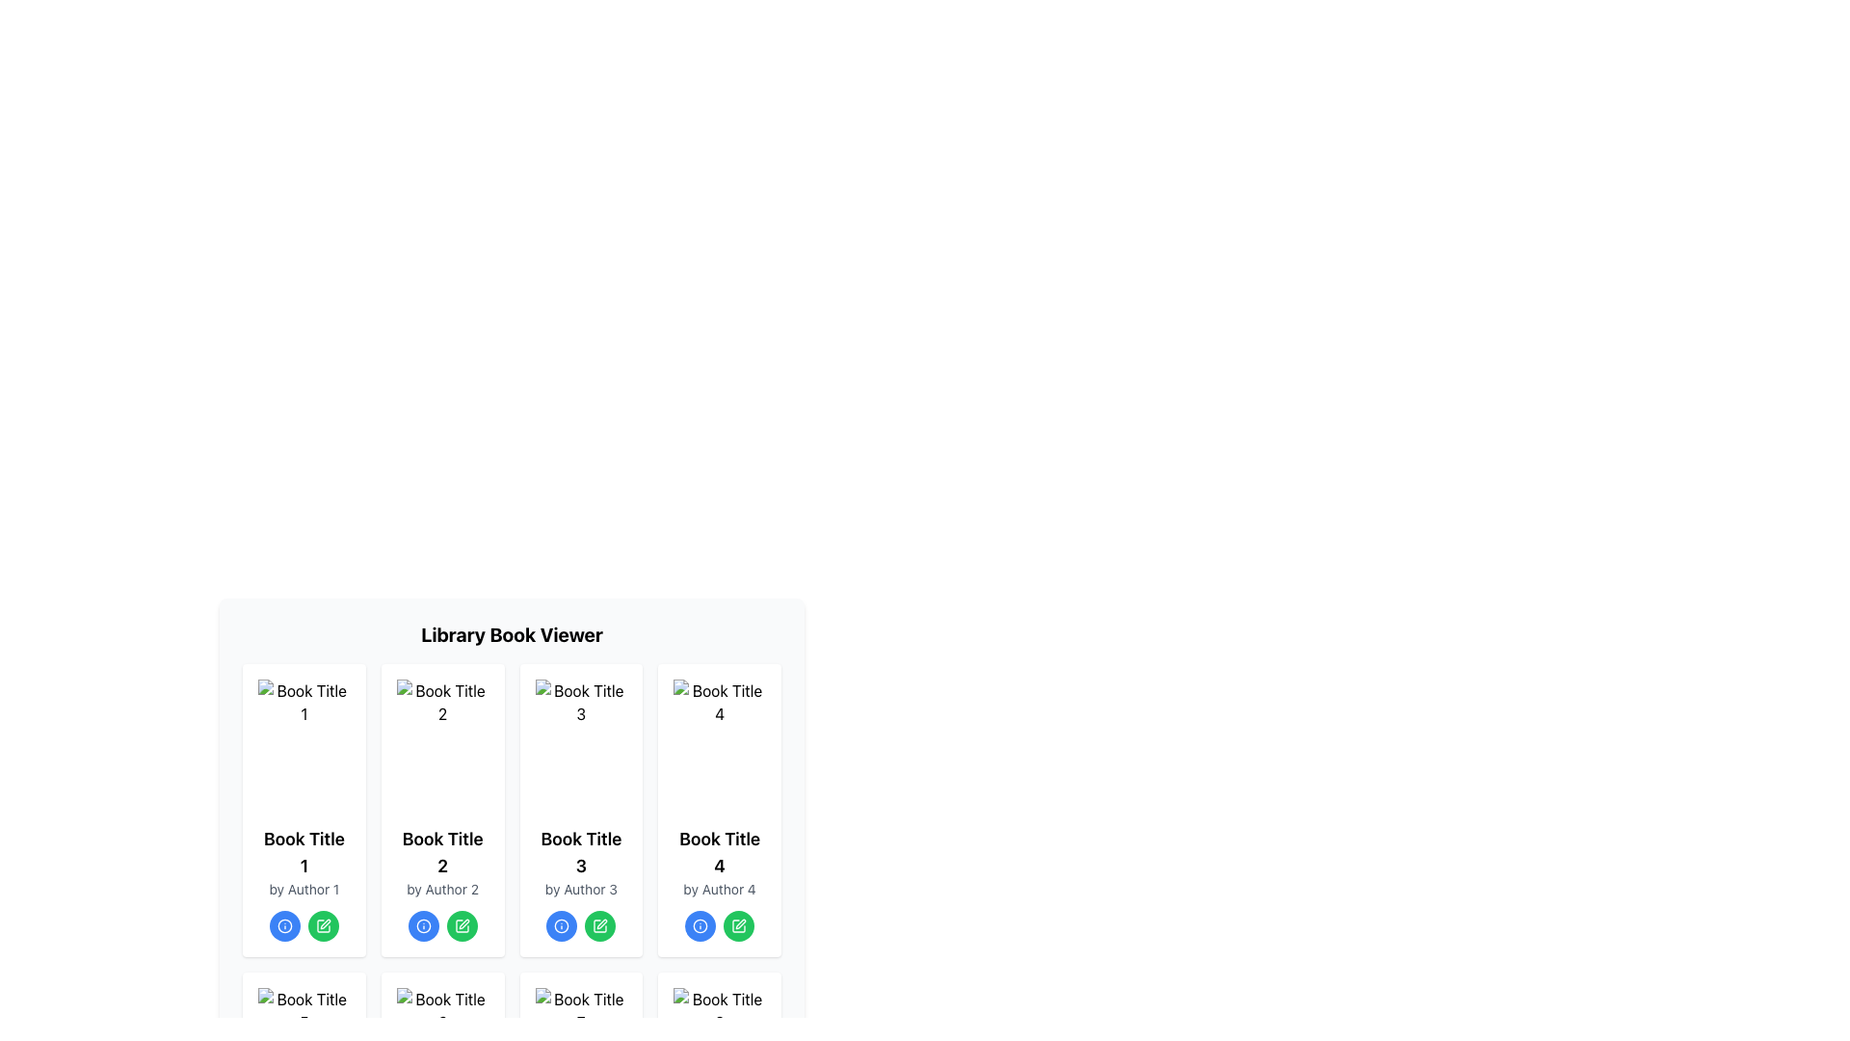 The image size is (1850, 1041). What do you see at coordinates (700, 924) in the screenshot?
I see `the information icon located below the 'Book Title 4' card in the library book grid` at bounding box center [700, 924].